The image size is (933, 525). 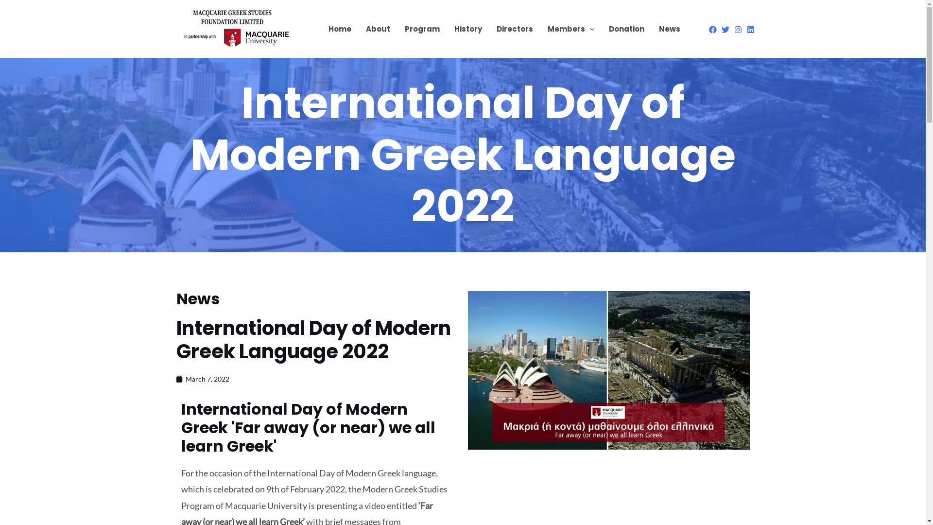 I want to click on 'History', so click(x=447, y=29).